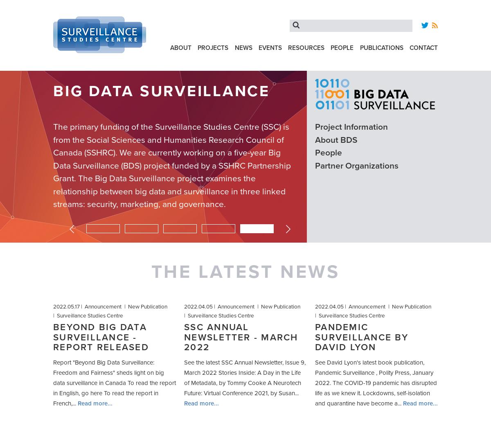 Image resolution: width=491 pixels, height=421 pixels. What do you see at coordinates (73, 227) in the screenshot?
I see `'Previous'` at bounding box center [73, 227].